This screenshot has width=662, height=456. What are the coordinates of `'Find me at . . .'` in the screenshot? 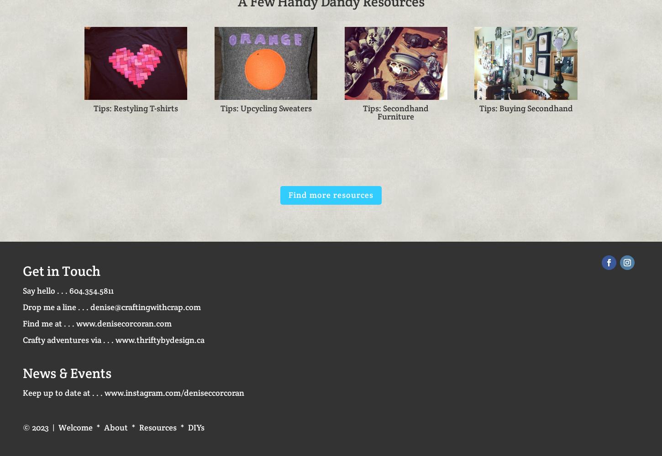 It's located at (49, 323).